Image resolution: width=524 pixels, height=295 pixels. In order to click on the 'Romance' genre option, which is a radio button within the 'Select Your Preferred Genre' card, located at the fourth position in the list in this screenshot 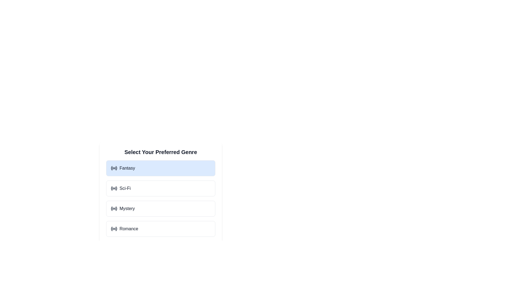, I will do `click(160, 229)`.